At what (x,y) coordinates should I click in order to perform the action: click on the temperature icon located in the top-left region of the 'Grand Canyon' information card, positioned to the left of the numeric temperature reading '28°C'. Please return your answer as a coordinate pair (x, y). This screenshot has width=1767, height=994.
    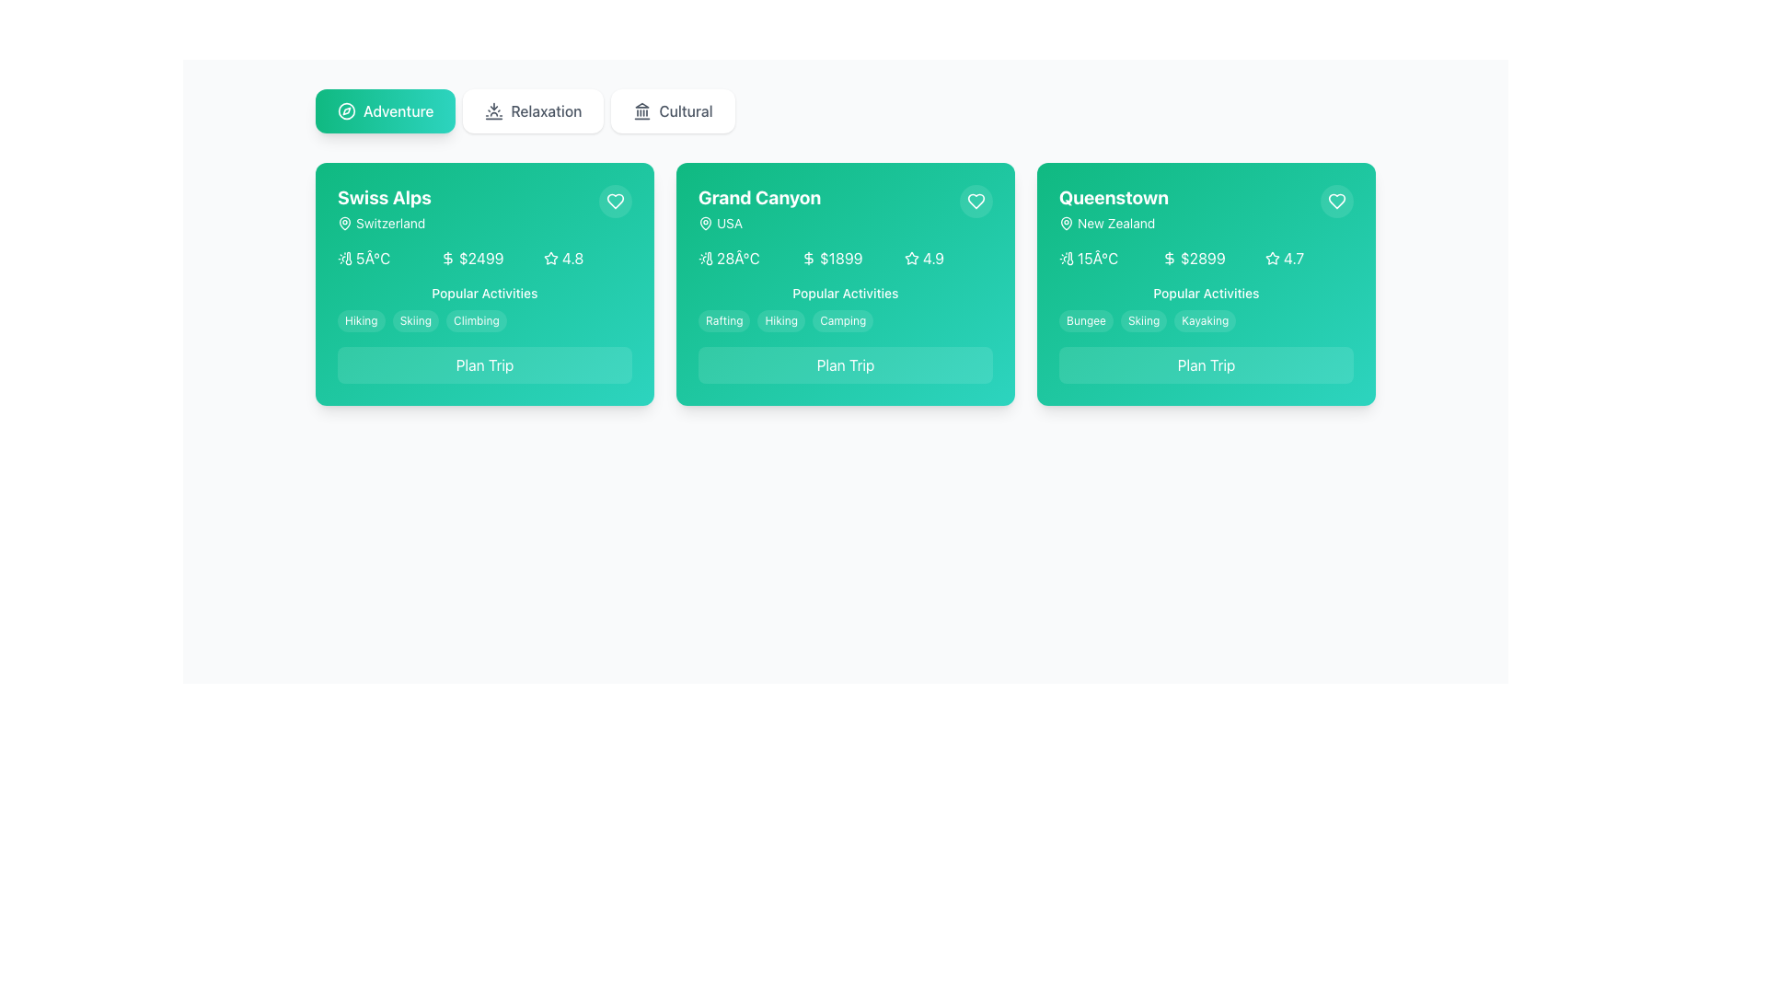
    Looking at the image, I should click on (705, 259).